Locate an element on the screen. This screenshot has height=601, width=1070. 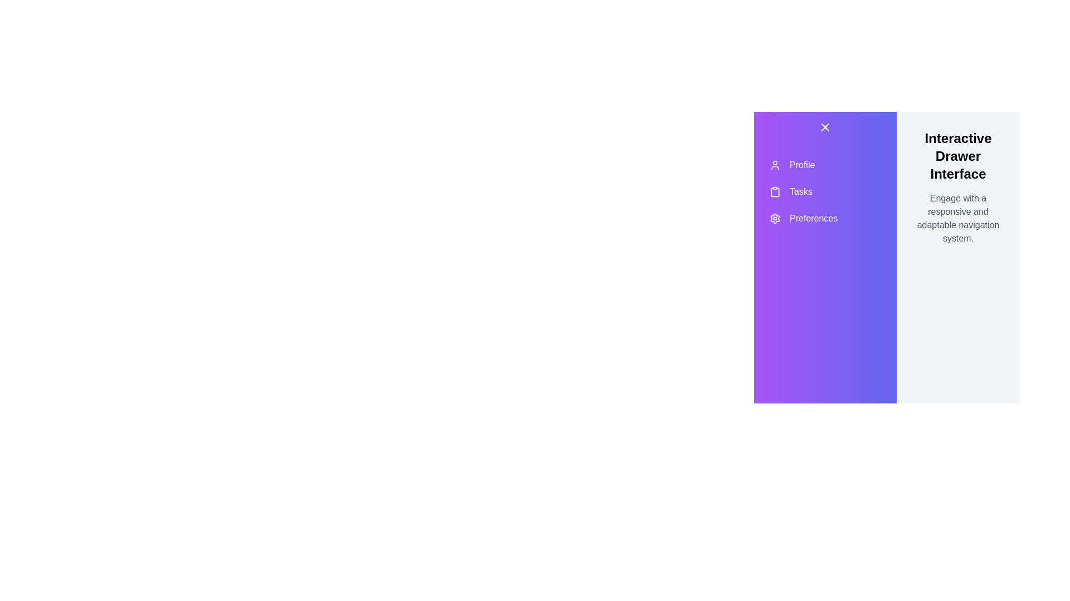
the menu item labeled Preferences is located at coordinates (825, 219).